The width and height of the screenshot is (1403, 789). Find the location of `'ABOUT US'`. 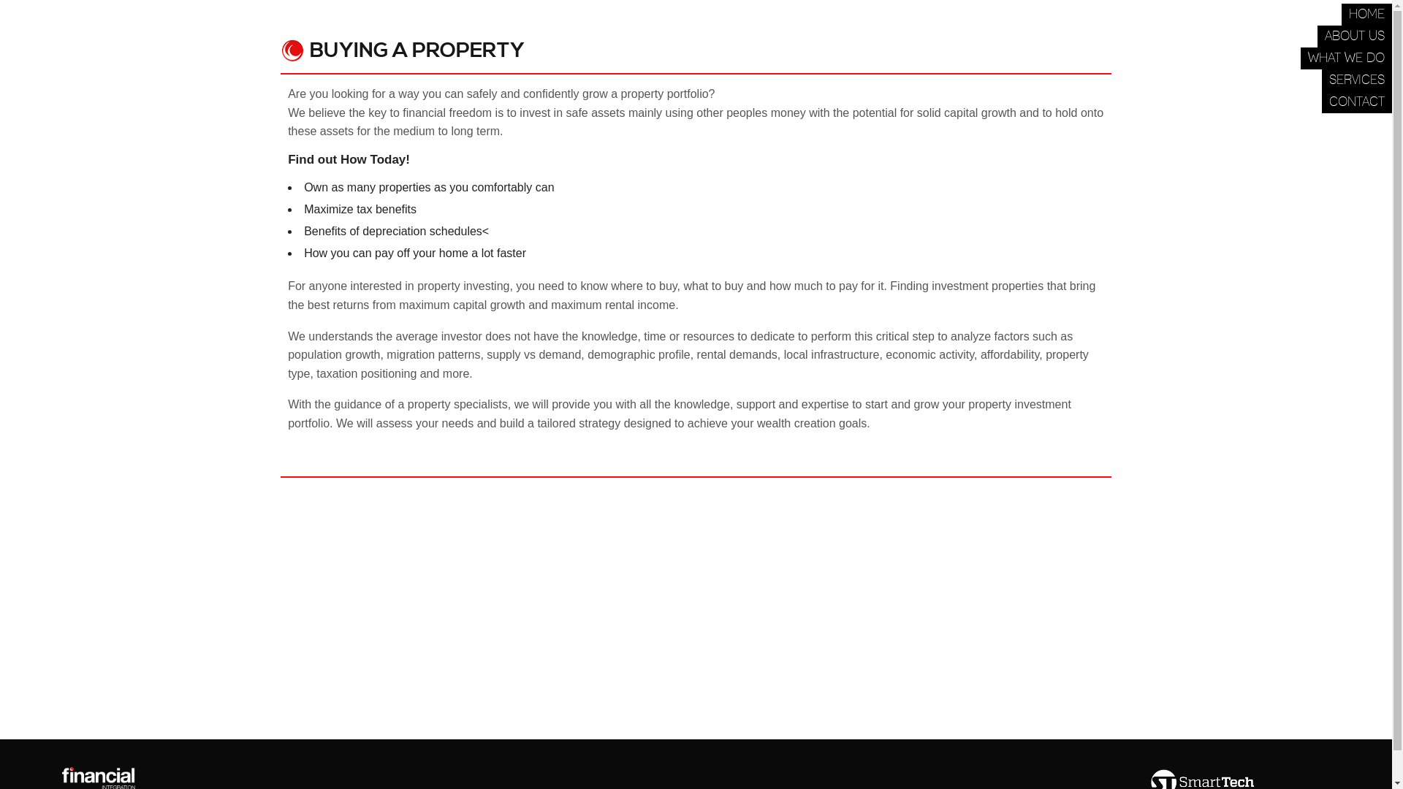

'ABOUT US' is located at coordinates (1353, 36).